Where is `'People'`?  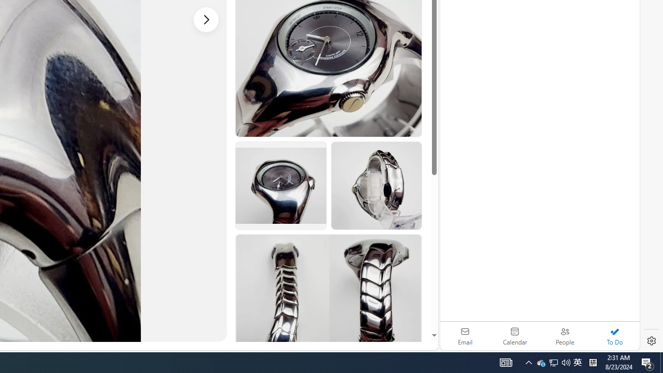
'People' is located at coordinates (564, 336).